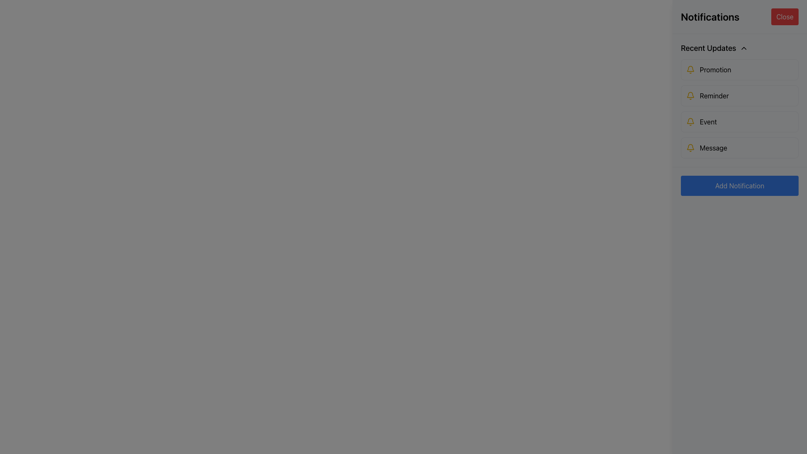  What do you see at coordinates (744, 48) in the screenshot?
I see `the interactive icon located to the immediate right of the 'Recent Updates' text, which serves as a button for collapsing or expanding the section` at bounding box center [744, 48].